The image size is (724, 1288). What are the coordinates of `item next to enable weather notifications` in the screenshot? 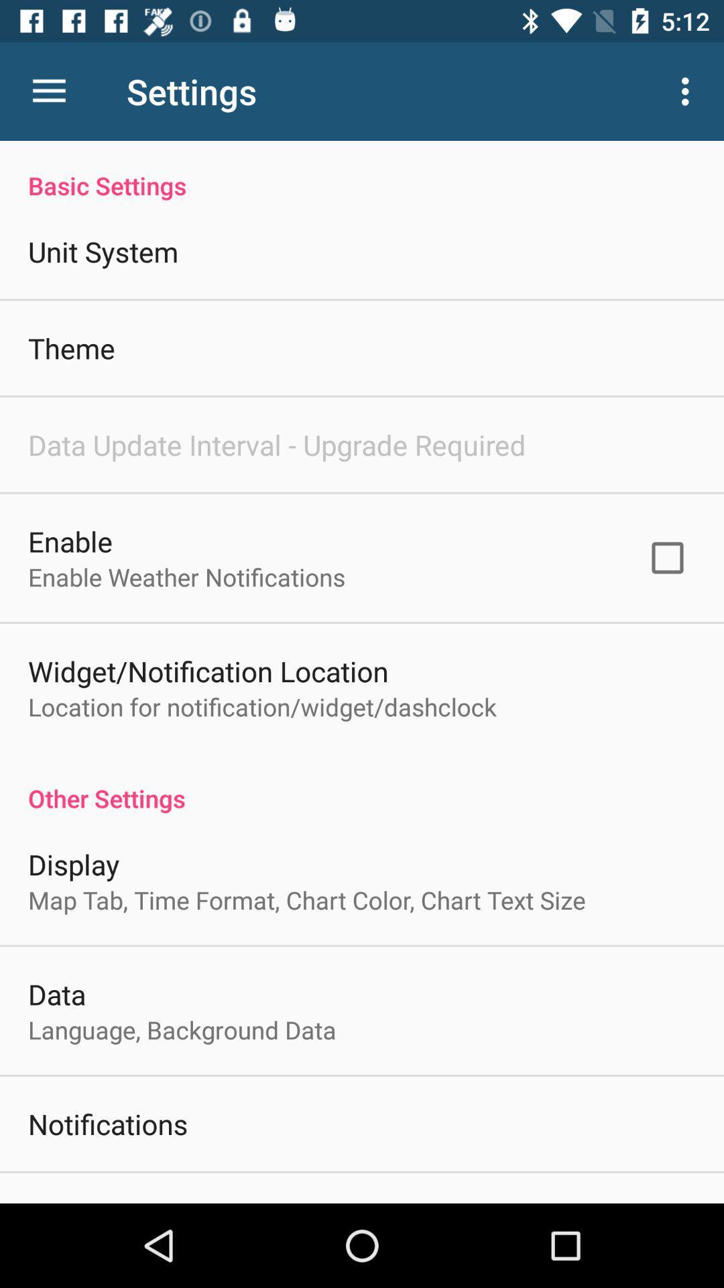 It's located at (667, 557).